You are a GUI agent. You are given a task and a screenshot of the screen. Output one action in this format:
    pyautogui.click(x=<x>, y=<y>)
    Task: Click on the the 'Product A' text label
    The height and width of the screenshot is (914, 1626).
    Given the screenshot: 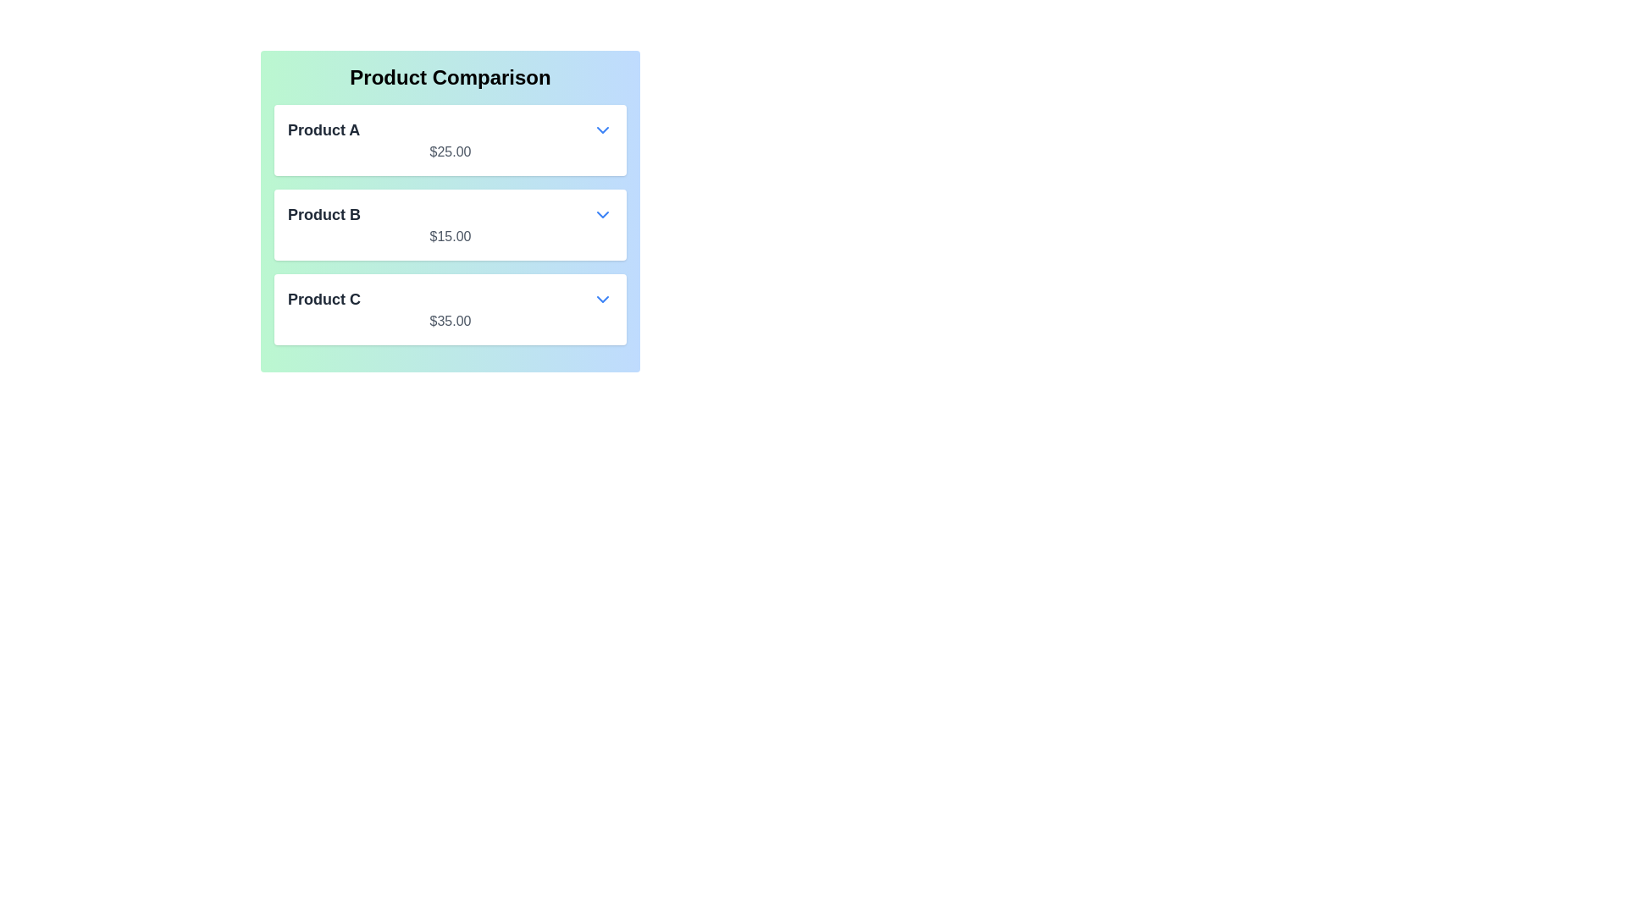 What is the action you would take?
    pyautogui.click(x=324, y=129)
    